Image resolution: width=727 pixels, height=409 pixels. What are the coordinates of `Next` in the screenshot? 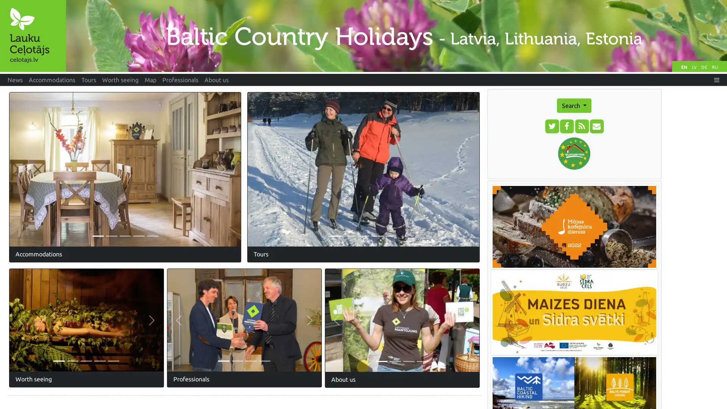 It's located at (223, 169).